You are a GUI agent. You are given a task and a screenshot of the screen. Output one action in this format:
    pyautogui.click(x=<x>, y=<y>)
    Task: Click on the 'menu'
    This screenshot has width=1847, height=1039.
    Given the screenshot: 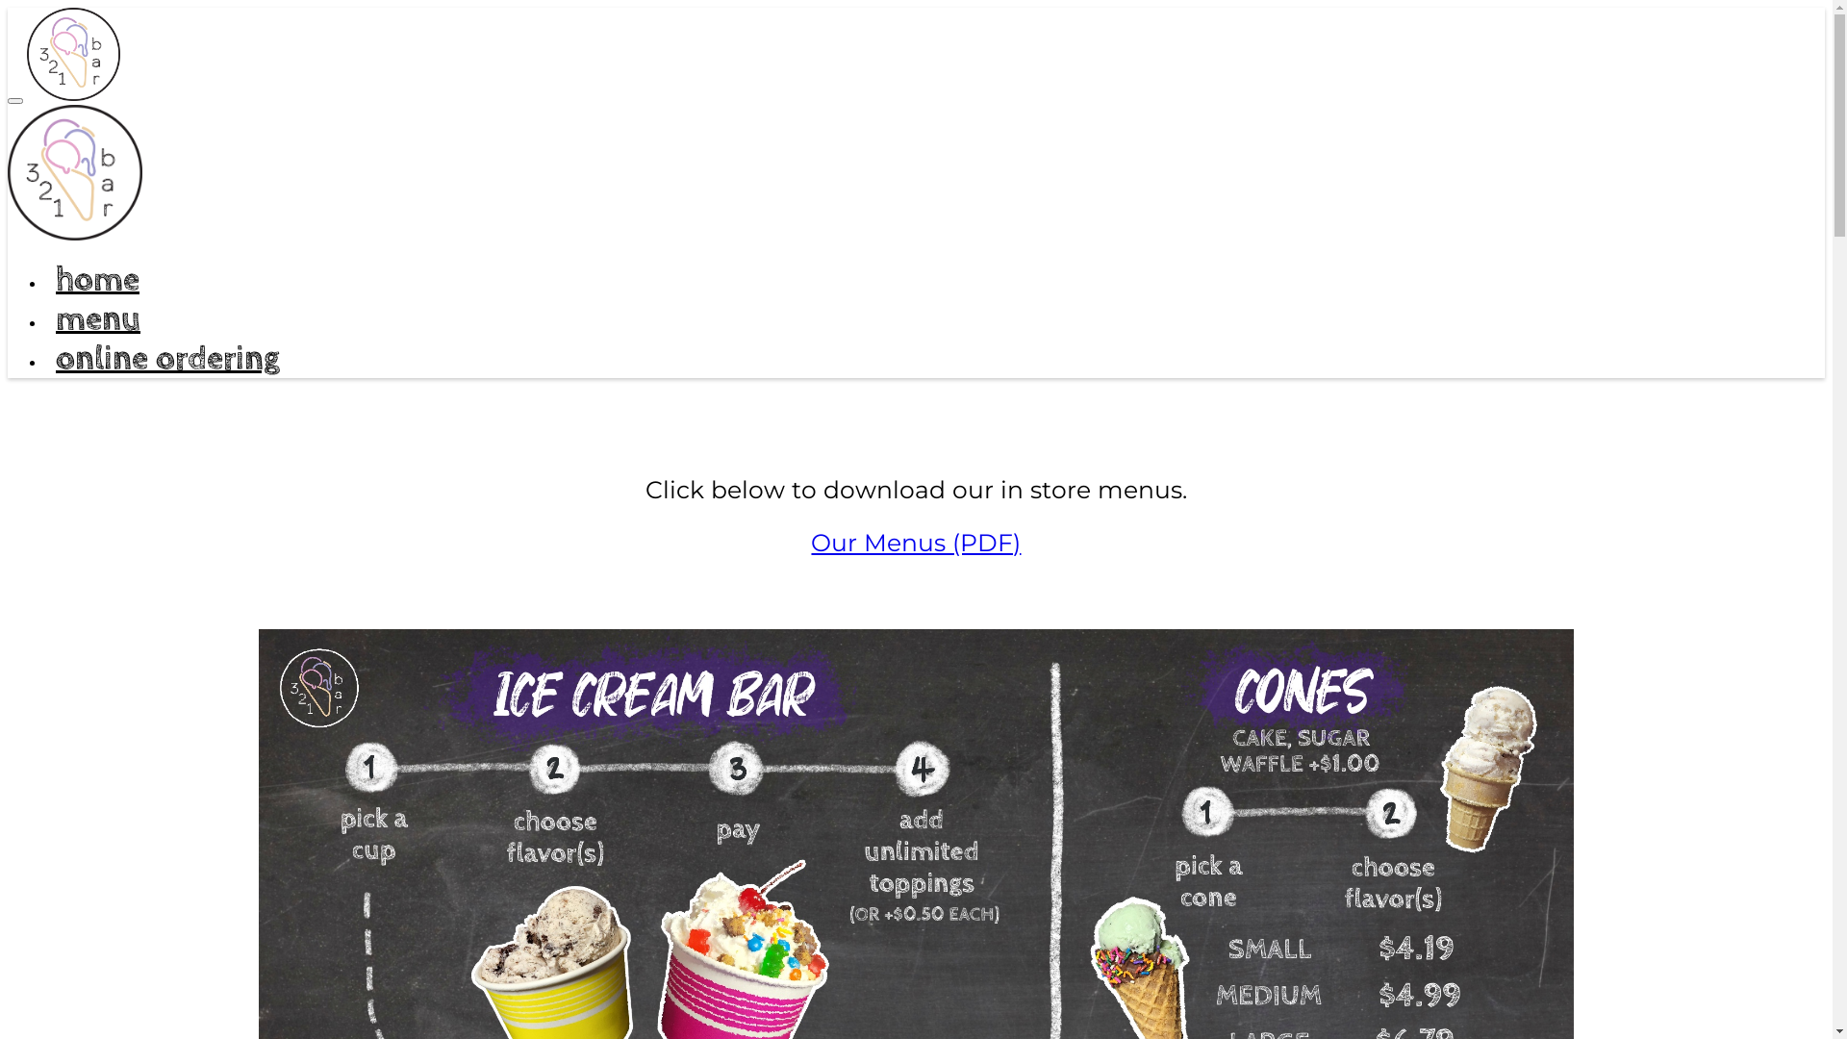 What is the action you would take?
    pyautogui.click(x=96, y=317)
    